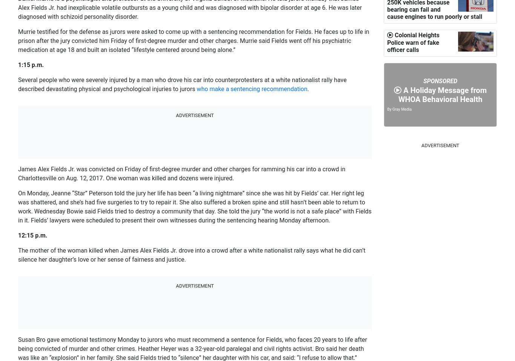 The height and width of the screenshot is (361, 515). Describe the element at coordinates (386, 77) in the screenshot. I see `'Honda recalls nearly 250K vehicles because bearing can fail and cause engines to run poorly or stall'` at that location.